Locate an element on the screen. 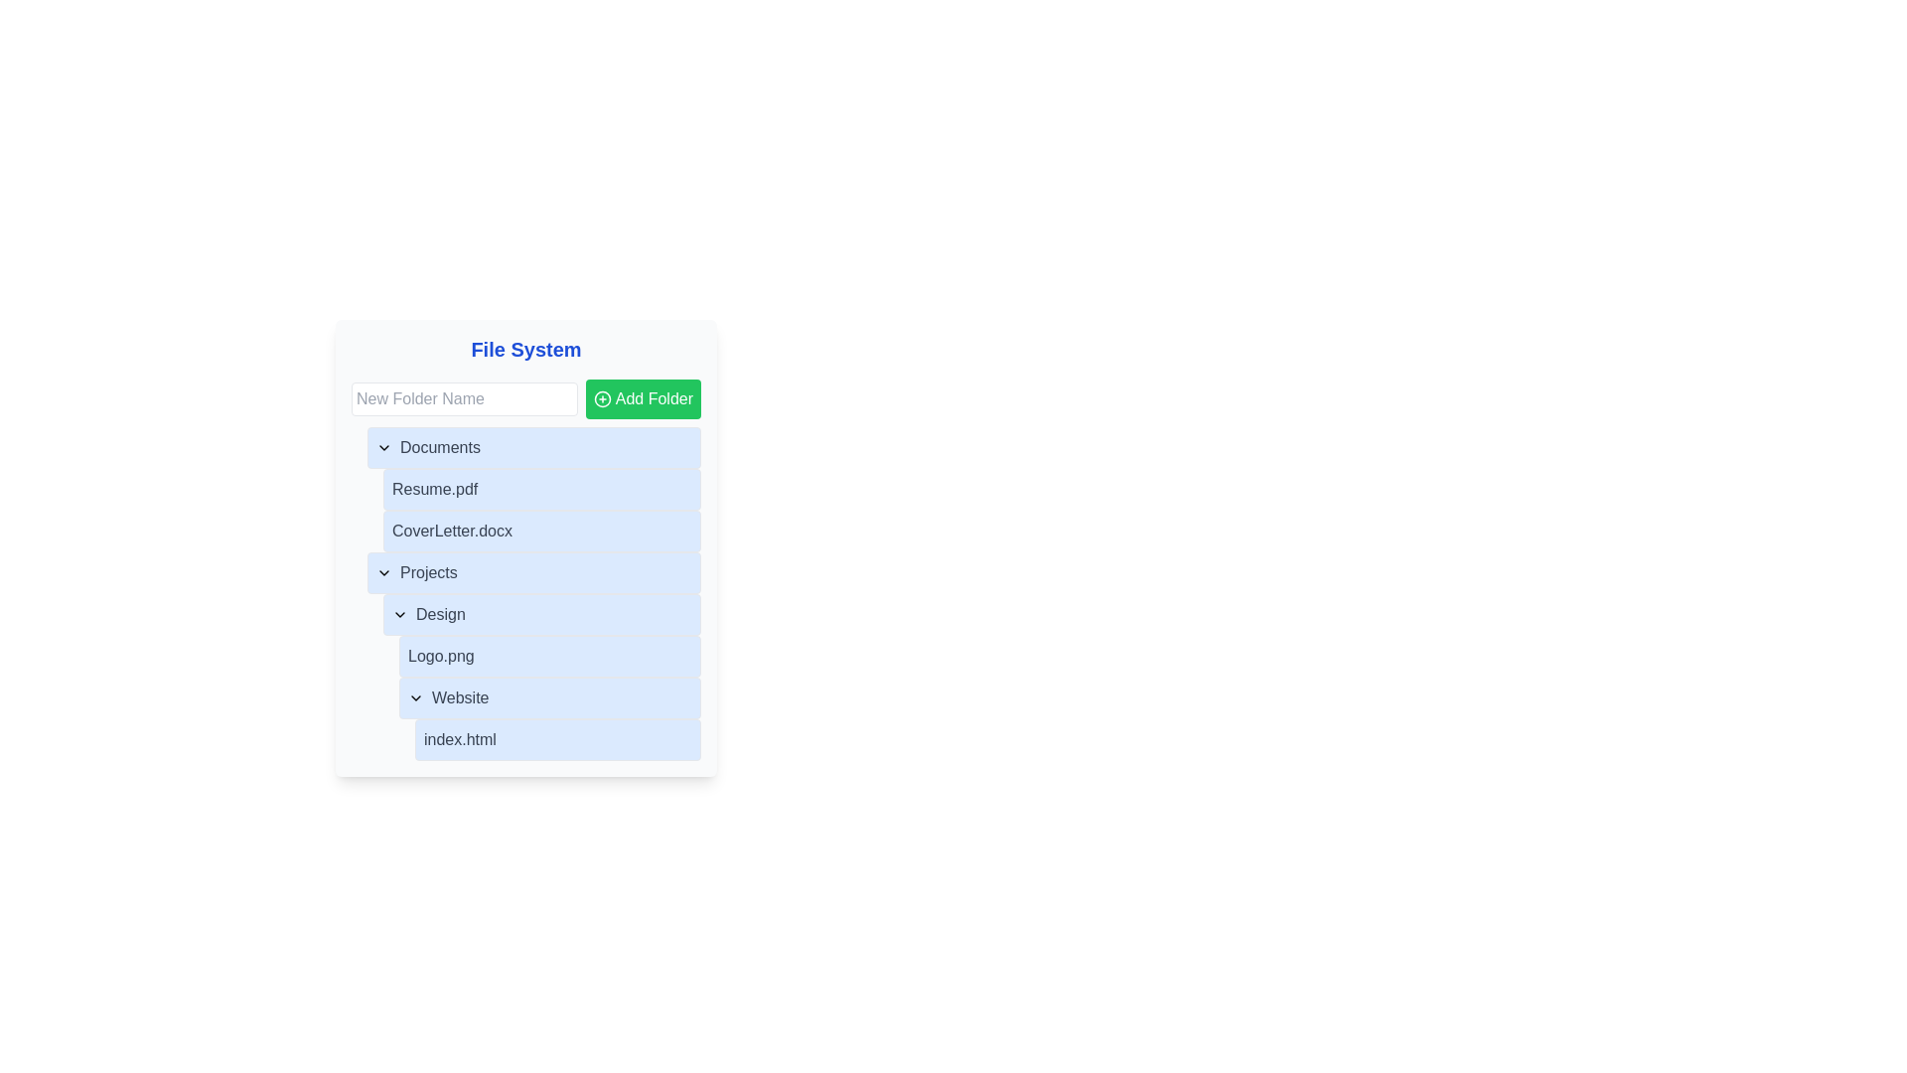 Image resolution: width=1907 pixels, height=1073 pixels. the 'Website' text label within the folder view is located at coordinates (459, 696).